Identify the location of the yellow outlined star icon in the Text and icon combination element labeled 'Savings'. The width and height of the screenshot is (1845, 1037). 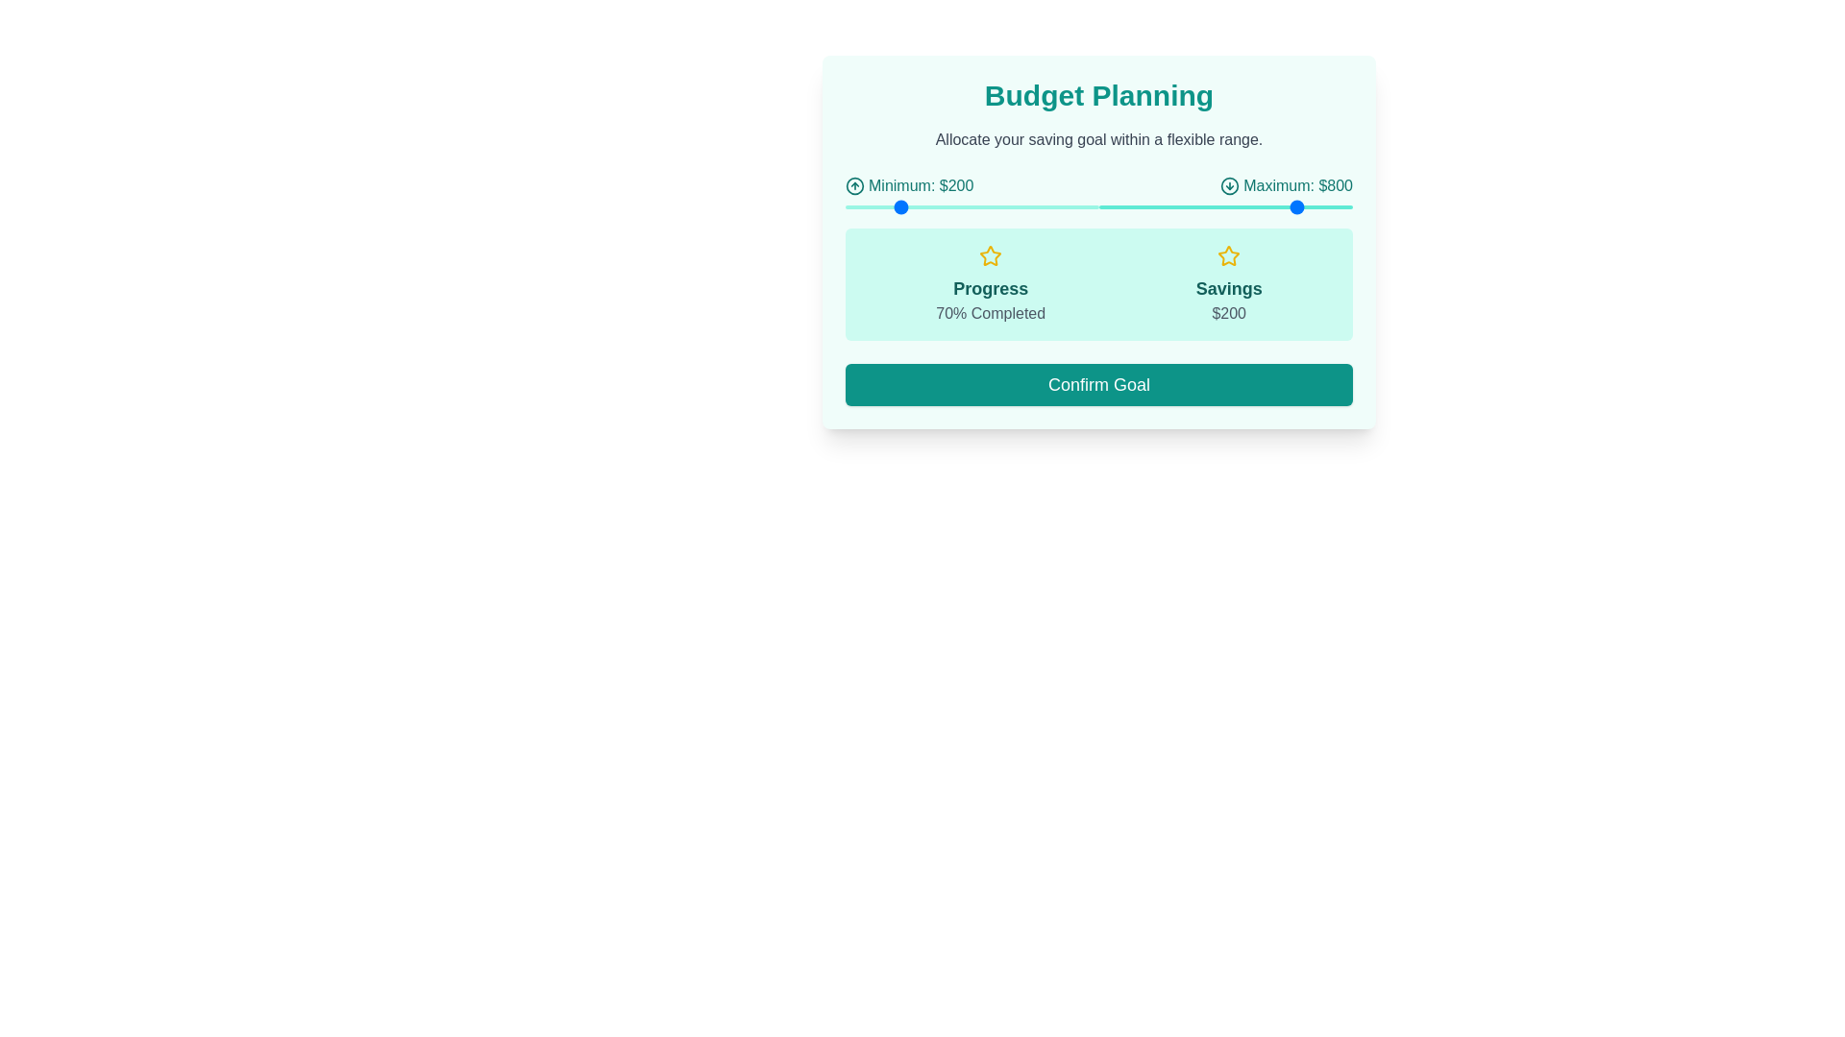
(1228, 284).